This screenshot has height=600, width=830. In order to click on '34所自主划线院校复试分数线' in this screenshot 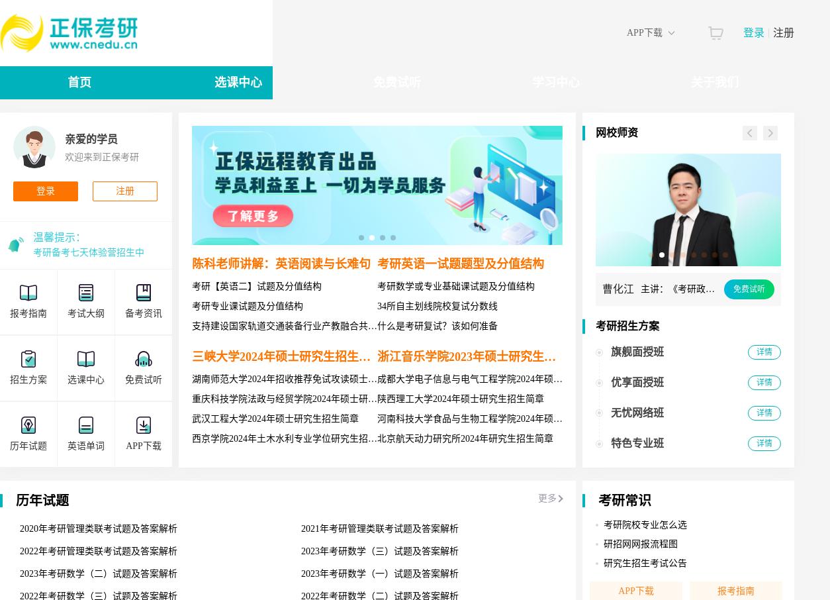, I will do `click(437, 305)`.